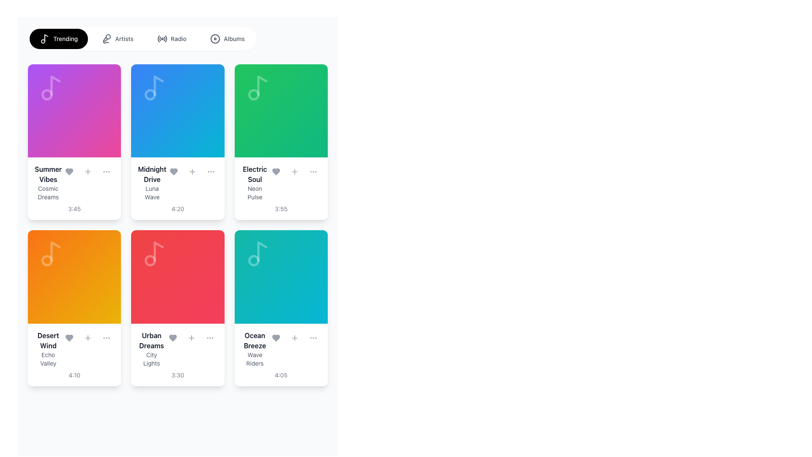  I want to click on the heart-shaped icon representing the 'like' or 'favorite' action located below the song title 'Ocean Breeze' by 'Wave Riders', so click(276, 337).